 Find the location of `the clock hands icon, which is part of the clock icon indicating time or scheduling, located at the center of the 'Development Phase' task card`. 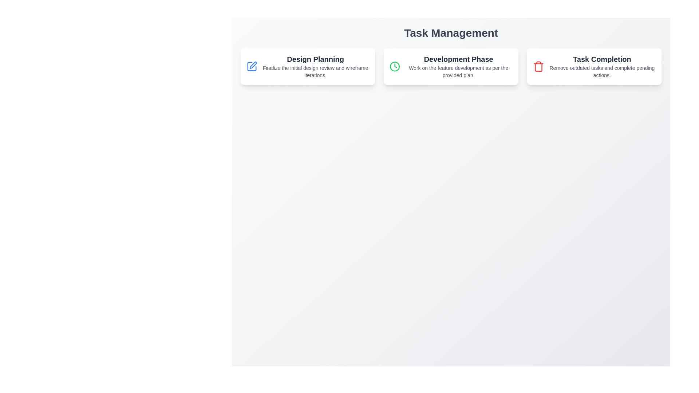

the clock hands icon, which is part of the clock icon indicating time or scheduling, located at the center of the 'Development Phase' task card is located at coordinates (395, 65).